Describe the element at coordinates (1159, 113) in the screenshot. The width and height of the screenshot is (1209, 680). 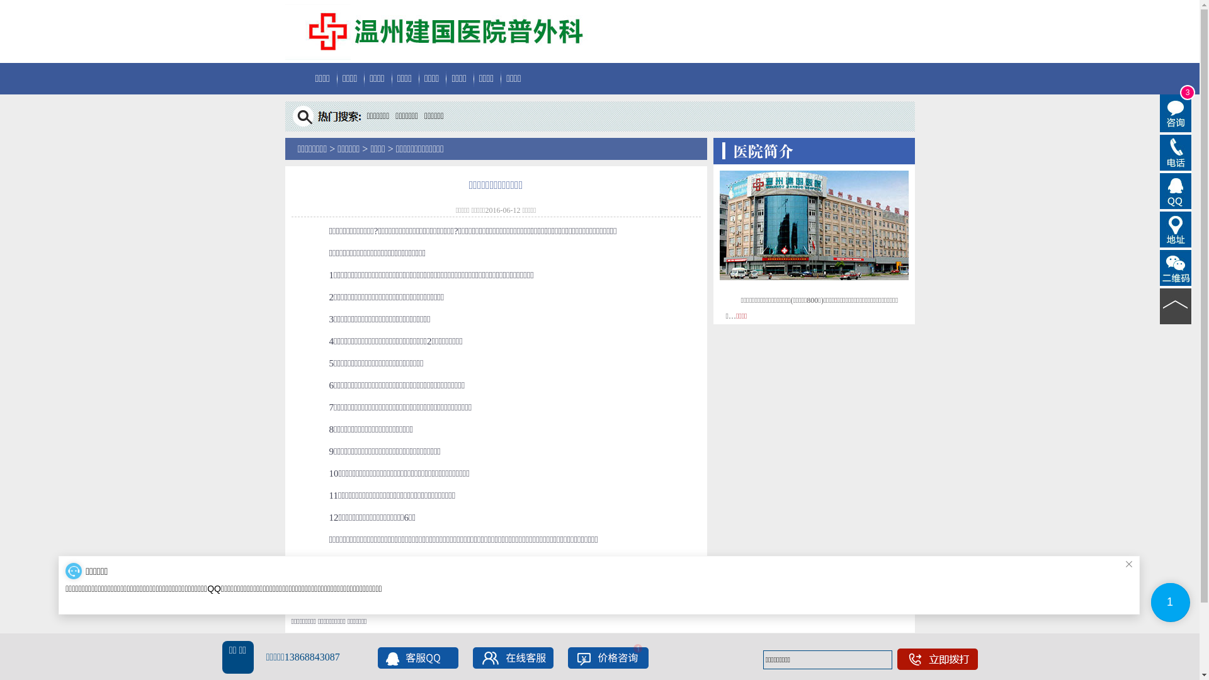
I see `'3'` at that location.